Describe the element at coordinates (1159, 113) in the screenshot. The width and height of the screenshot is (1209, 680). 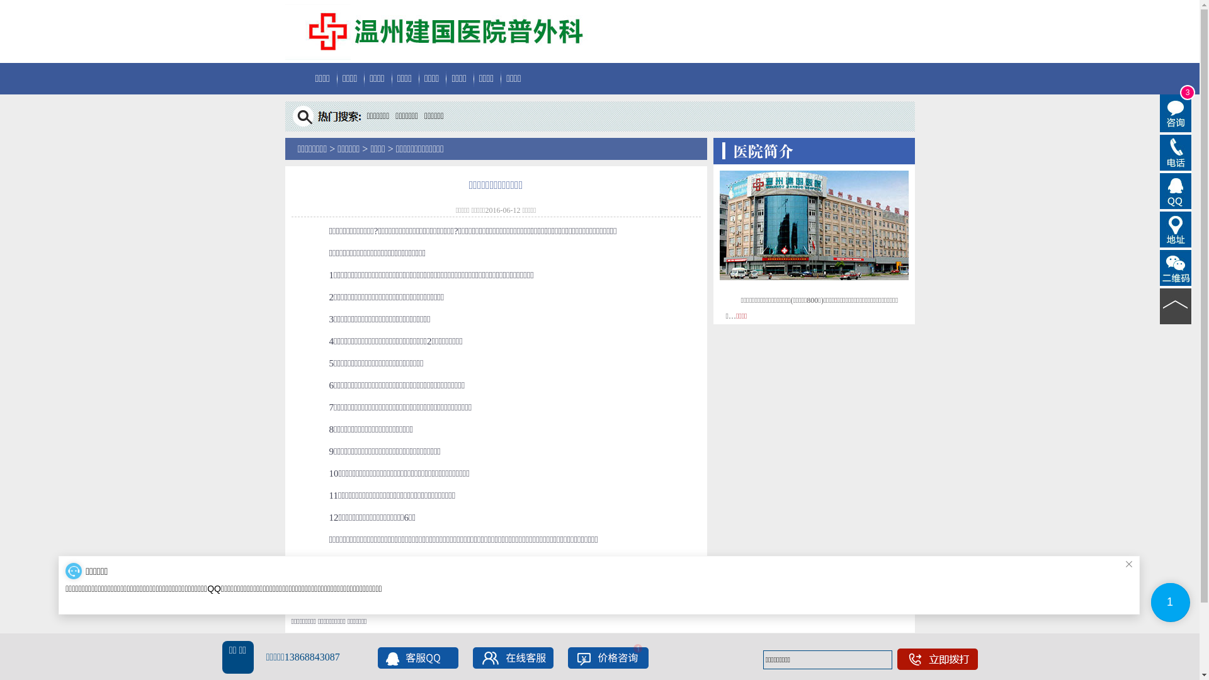
I see `'3'` at that location.